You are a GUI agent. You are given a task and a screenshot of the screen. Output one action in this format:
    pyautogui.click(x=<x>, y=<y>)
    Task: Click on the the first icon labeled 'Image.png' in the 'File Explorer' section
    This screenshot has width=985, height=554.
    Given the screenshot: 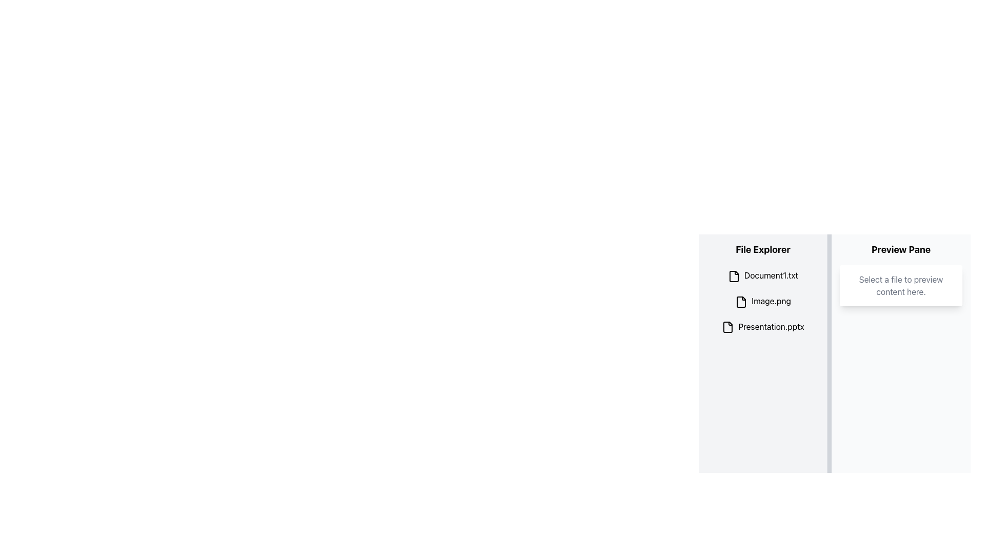 What is the action you would take?
    pyautogui.click(x=741, y=301)
    